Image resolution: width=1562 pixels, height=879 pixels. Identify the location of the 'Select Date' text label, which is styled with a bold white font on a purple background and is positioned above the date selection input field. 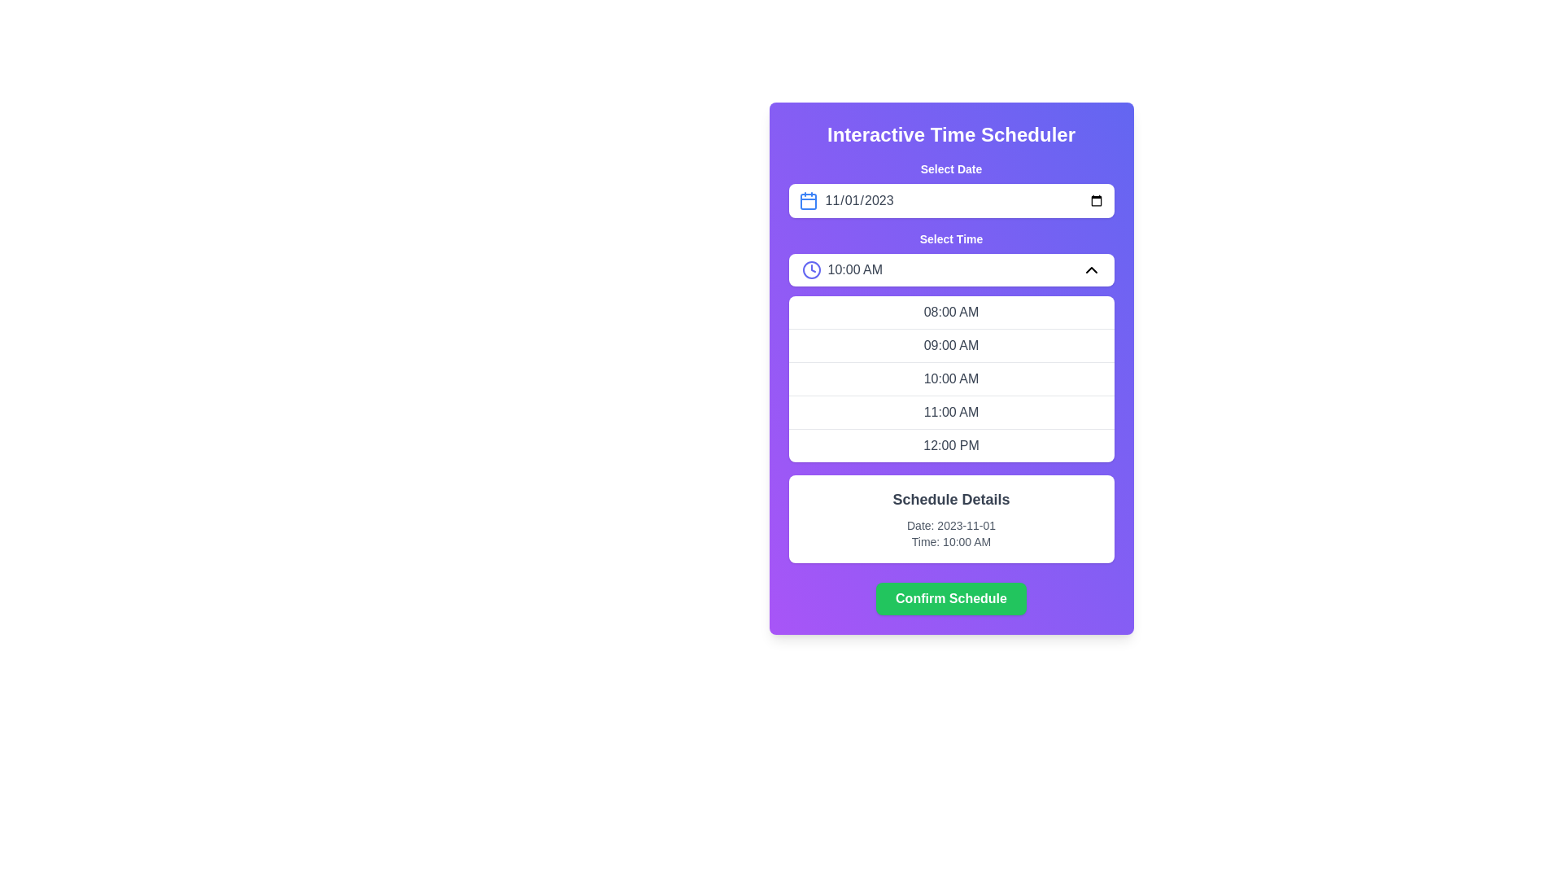
(951, 169).